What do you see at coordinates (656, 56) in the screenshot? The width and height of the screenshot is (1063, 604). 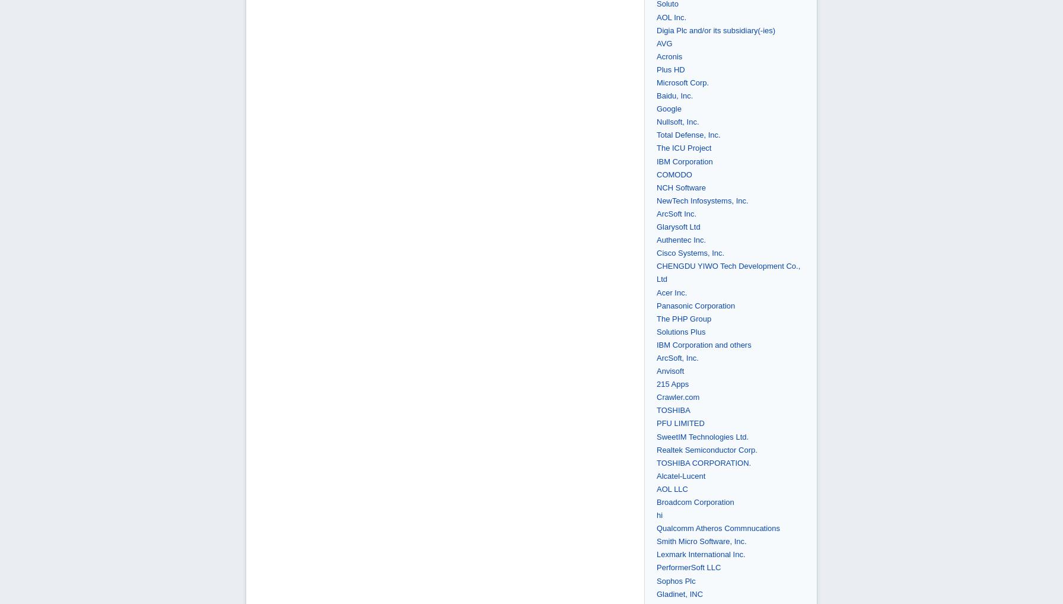 I see `'Acronis'` at bounding box center [656, 56].